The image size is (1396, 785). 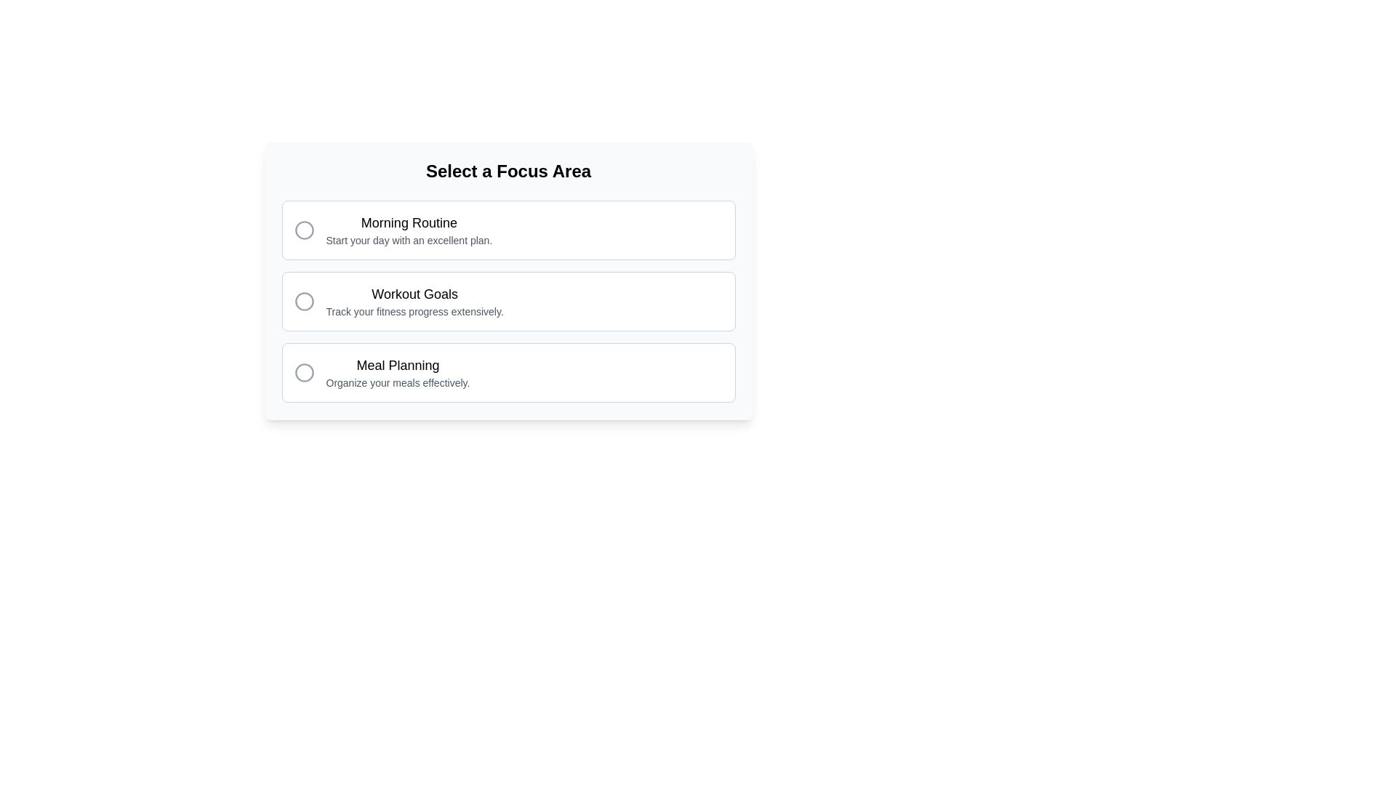 I want to click on the 'Workout Goals' text label, which is displayed in a bold, larger font and positioned in the second section of a vertically stacked menu interface, so click(x=414, y=294).